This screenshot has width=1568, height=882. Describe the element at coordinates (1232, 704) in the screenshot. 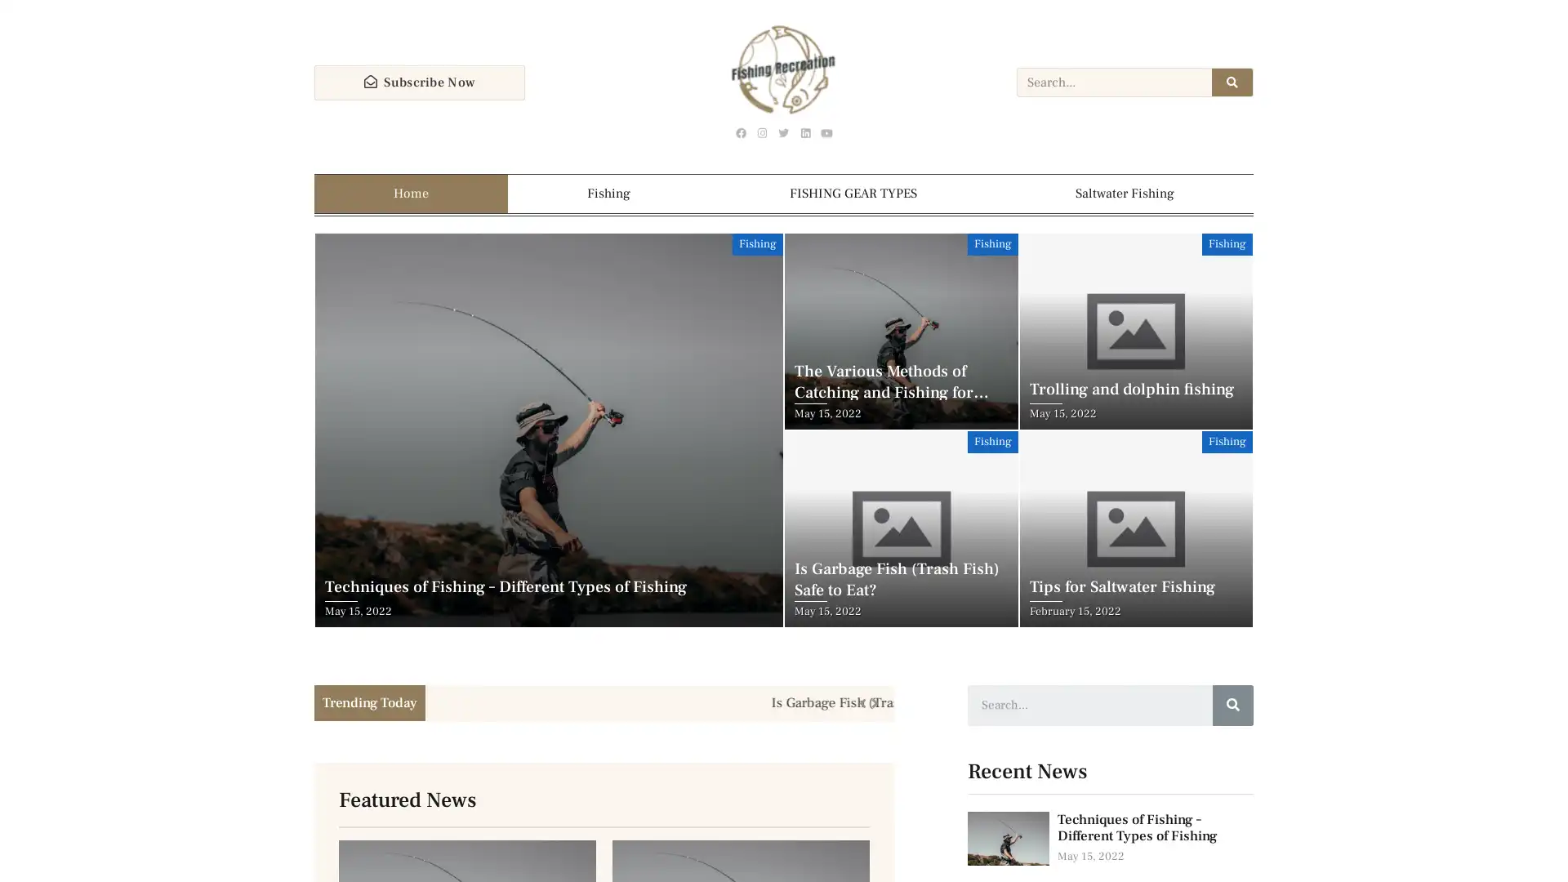

I see `Search` at that location.